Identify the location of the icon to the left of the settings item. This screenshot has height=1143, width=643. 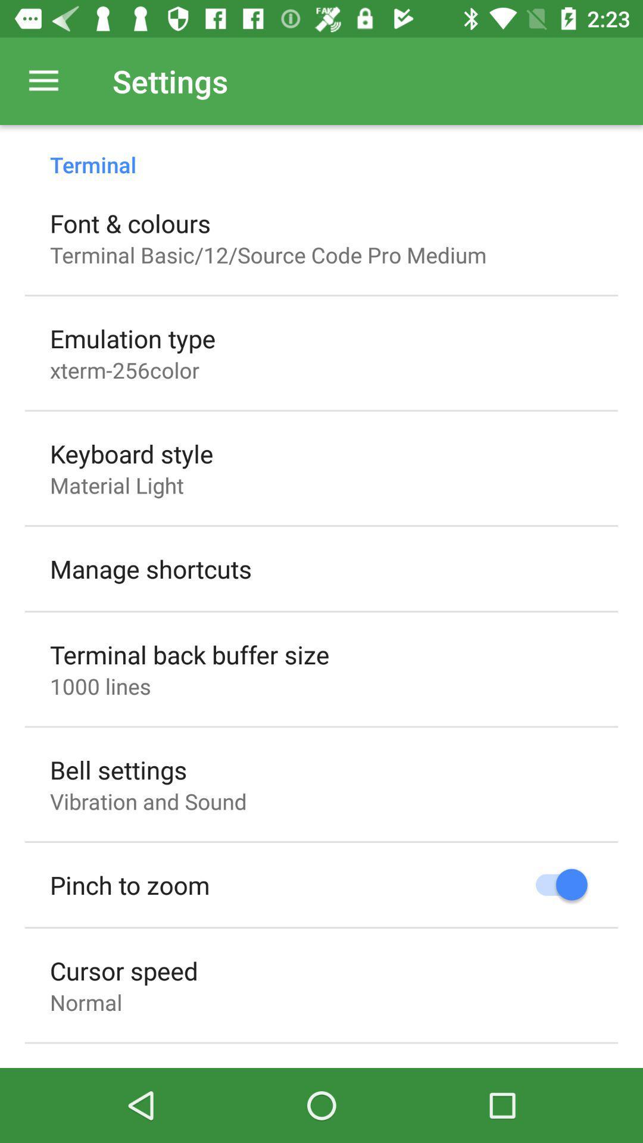
(43, 80).